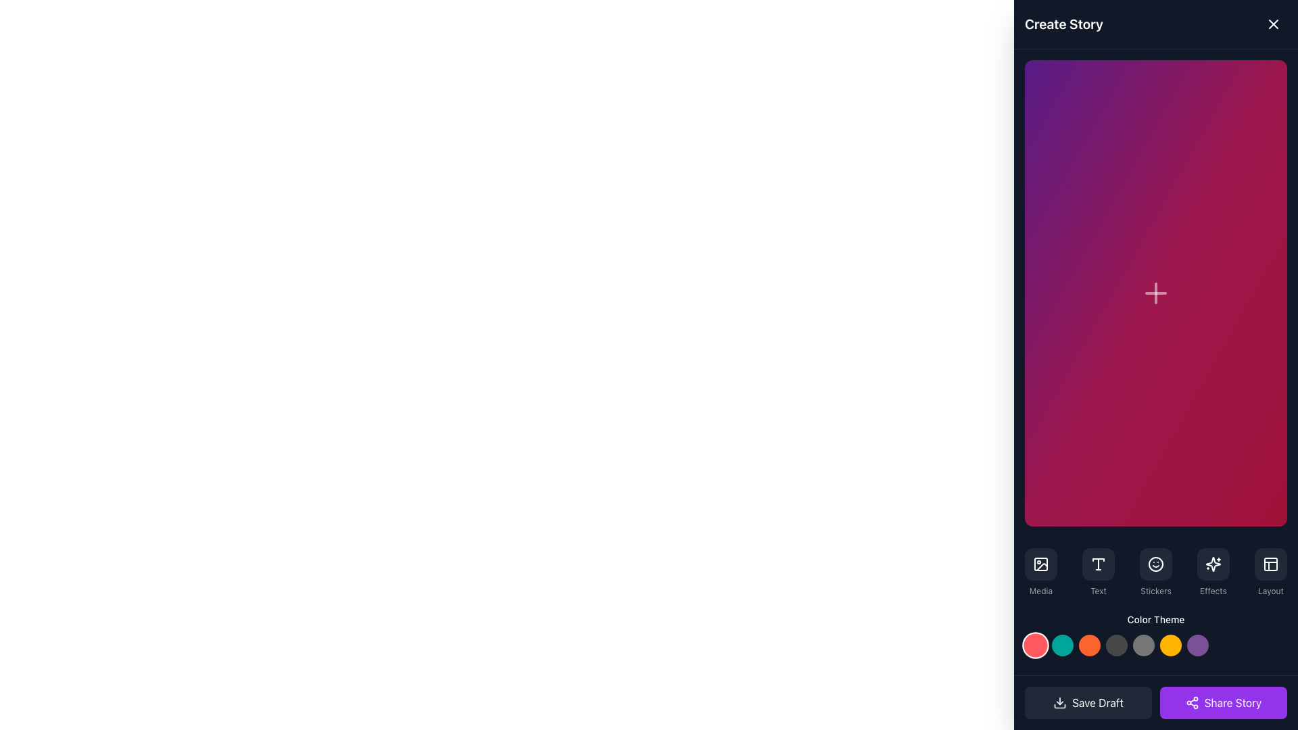  What do you see at coordinates (1116, 643) in the screenshot?
I see `the fourth colored circle button representing the dark grey color theme` at bounding box center [1116, 643].